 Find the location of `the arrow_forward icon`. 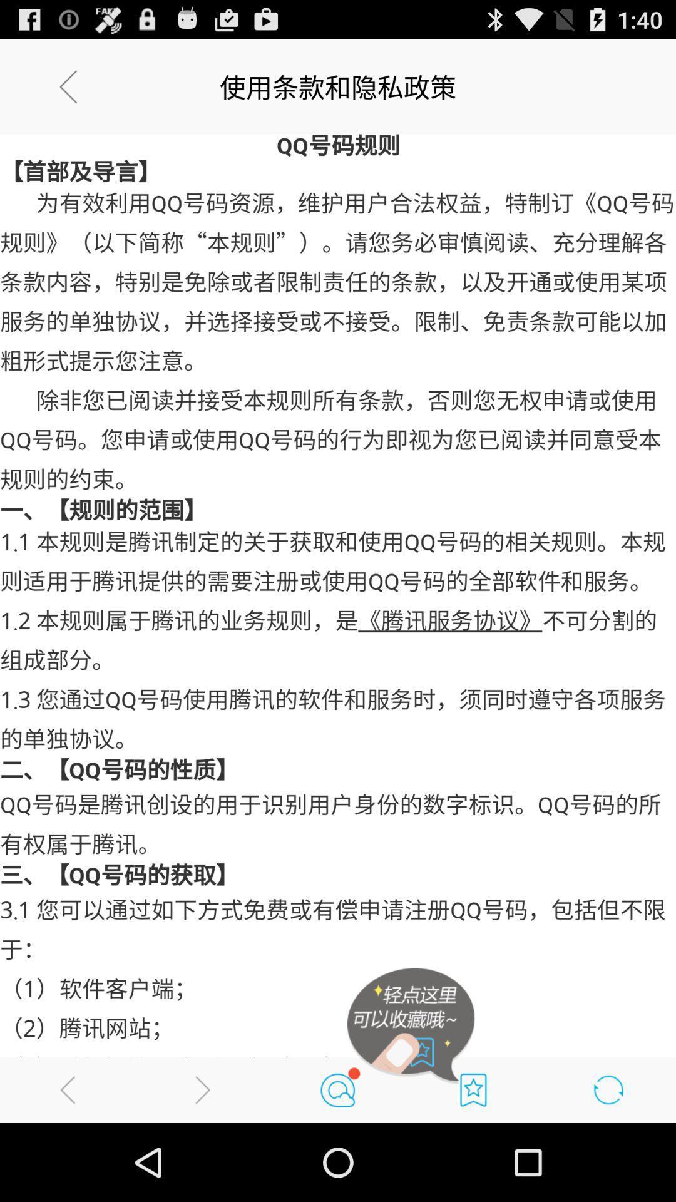

the arrow_forward icon is located at coordinates (202, 1166).